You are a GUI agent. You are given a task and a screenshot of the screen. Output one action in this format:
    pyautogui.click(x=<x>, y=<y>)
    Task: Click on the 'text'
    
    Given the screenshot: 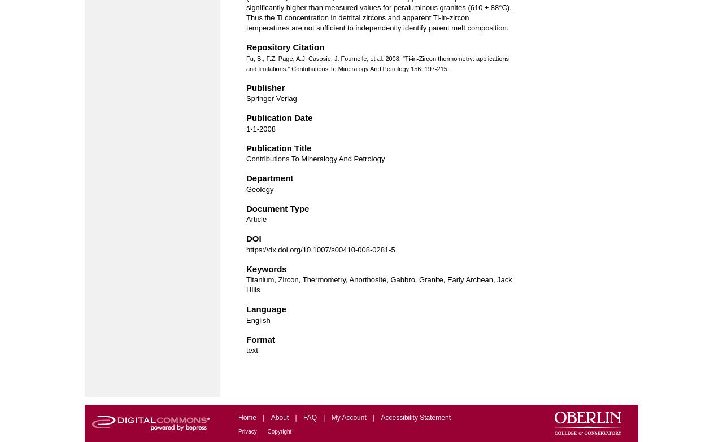 What is the action you would take?
    pyautogui.click(x=251, y=349)
    